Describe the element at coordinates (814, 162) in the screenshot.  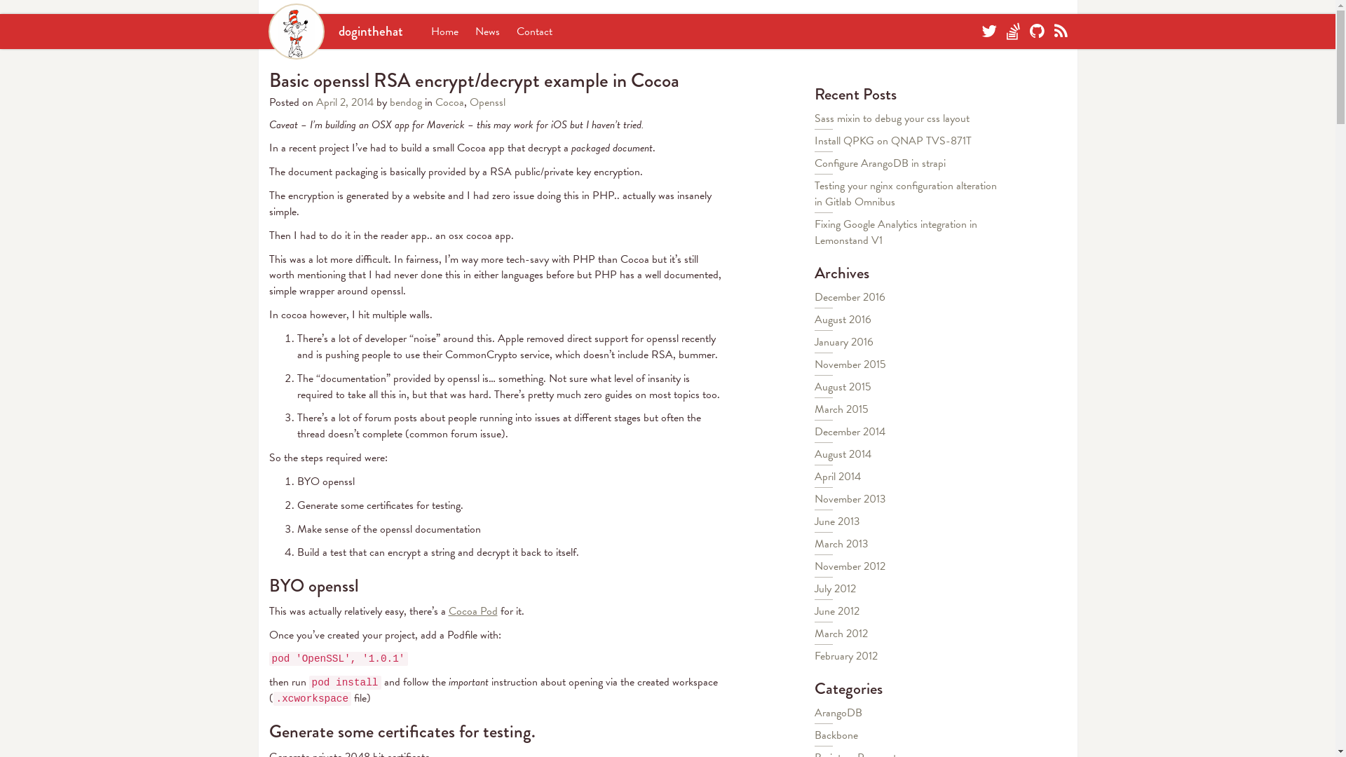
I see `'Configure ArangoDB in strapi'` at that location.